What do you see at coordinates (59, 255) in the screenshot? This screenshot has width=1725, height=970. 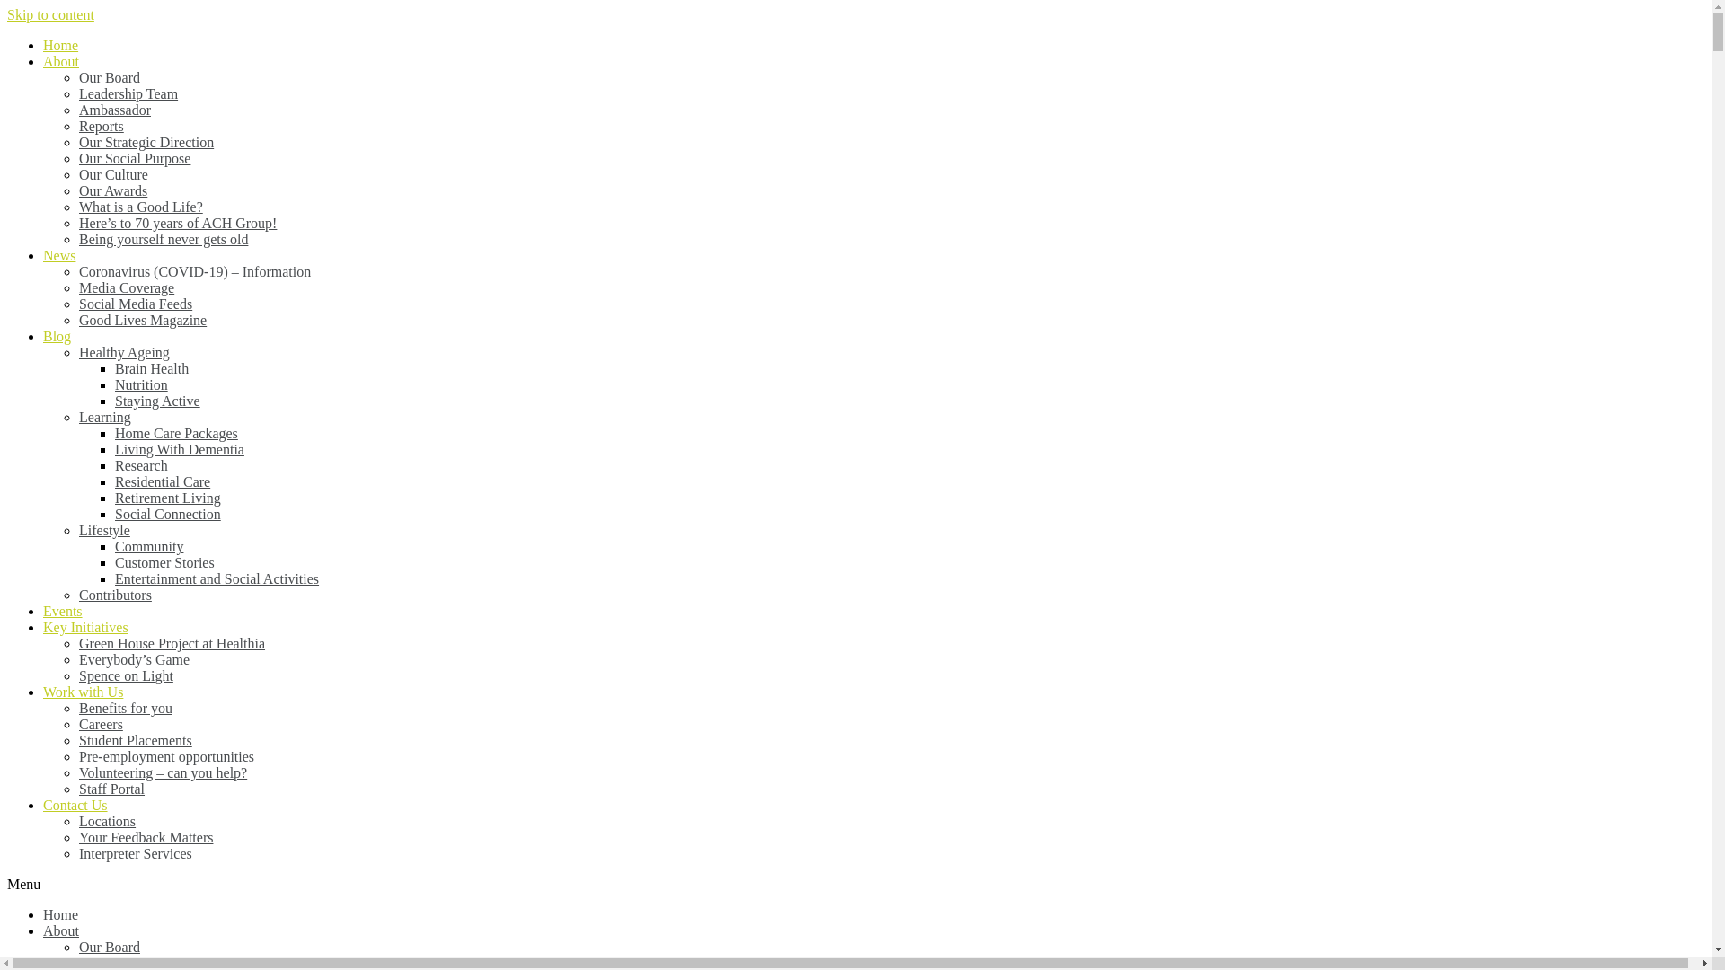 I see `'News'` at bounding box center [59, 255].